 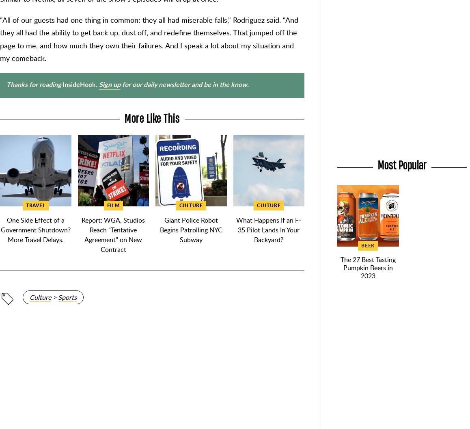 What do you see at coordinates (190, 230) in the screenshot?
I see `'Giant Police Robot Begins Patrolling NYC Subway'` at bounding box center [190, 230].